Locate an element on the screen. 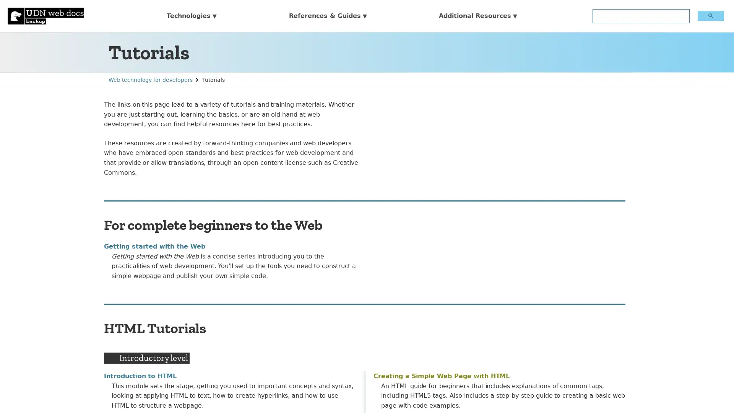  search is located at coordinates (710, 15).